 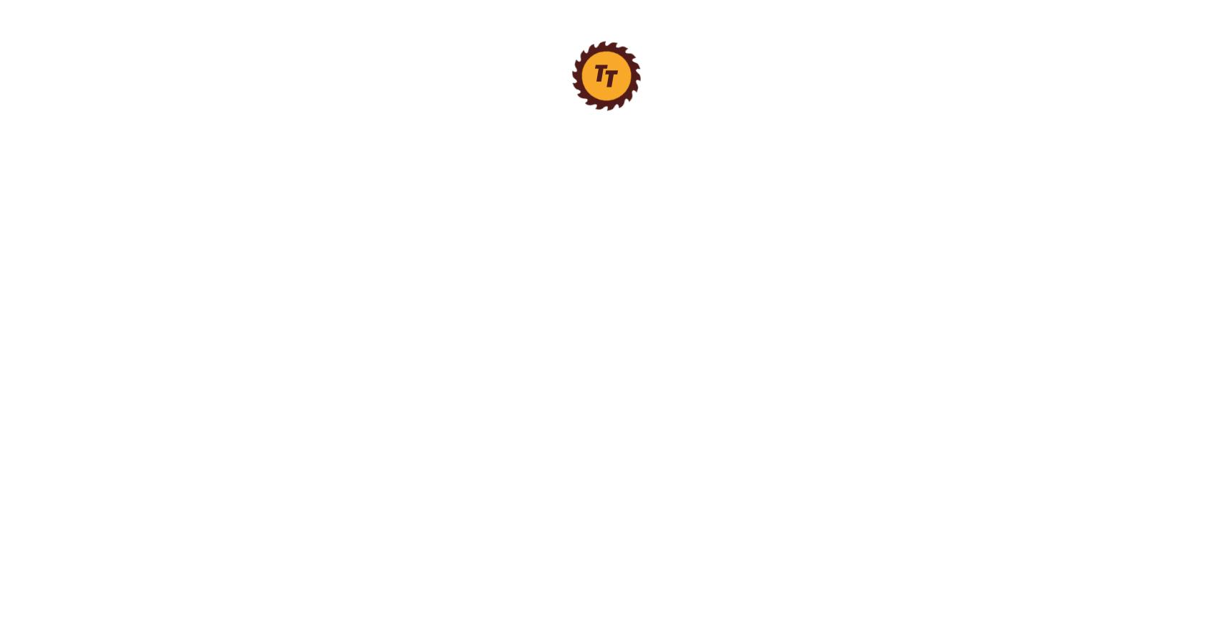 I want to click on 'Angle Finders', so click(x=125, y=27).